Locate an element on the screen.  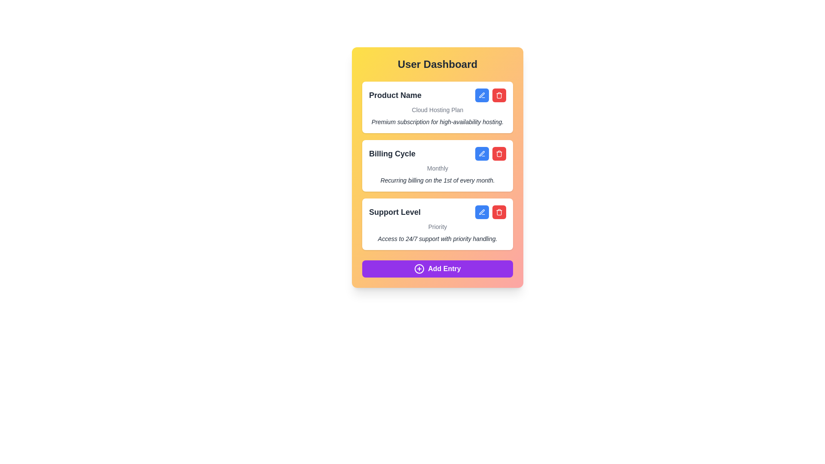
the static text label providing information about the billing cycle located under the 'Billing Cycle' section, beneath the 'Monthly' description is located at coordinates (437, 180).